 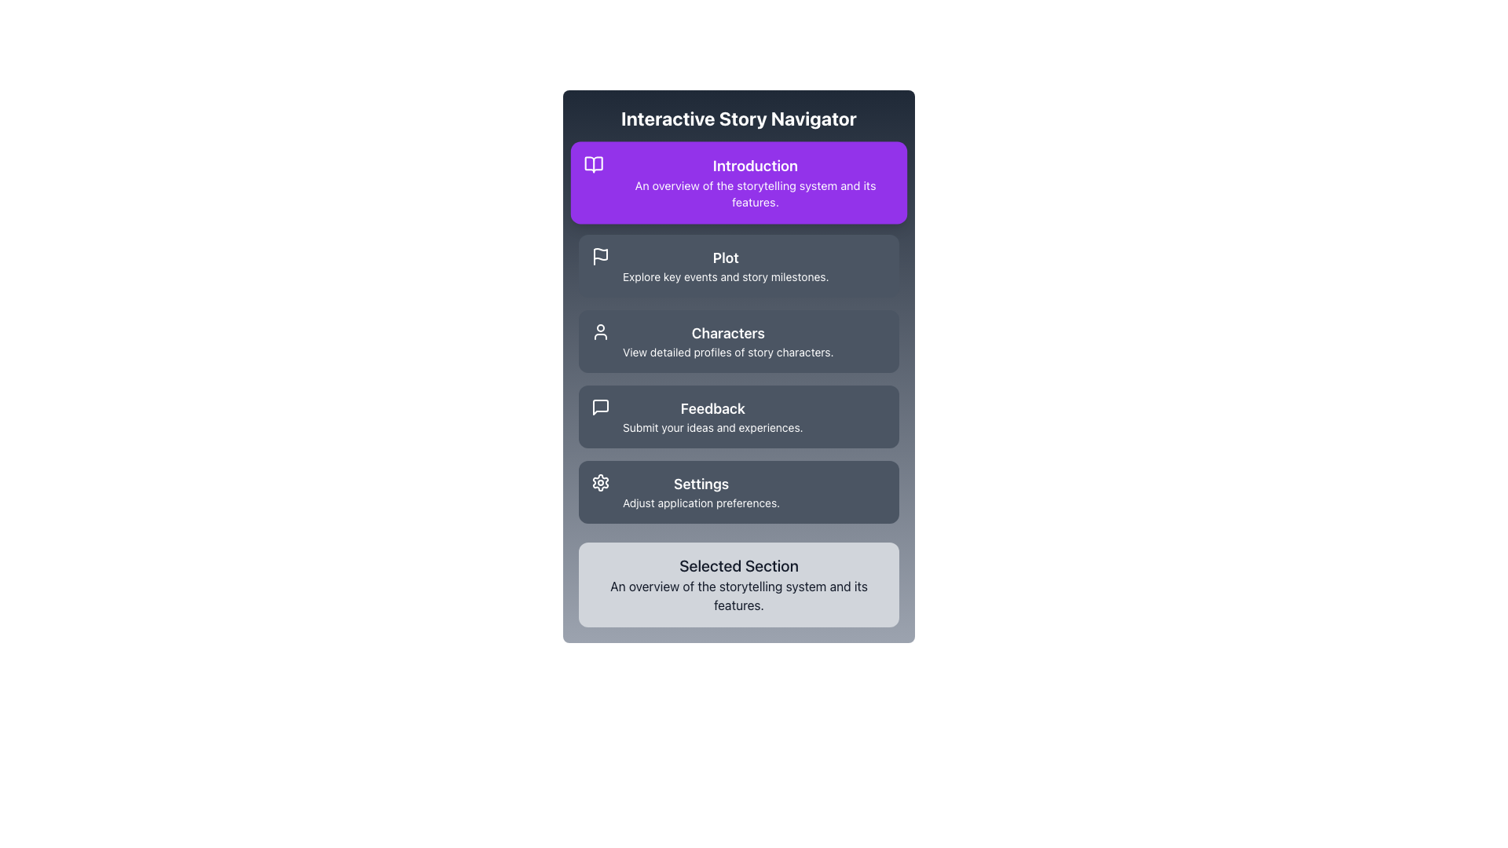 I want to click on the settings icon located on the left side of the associated text, which leads to application preferences or configuration options, so click(x=599, y=481).